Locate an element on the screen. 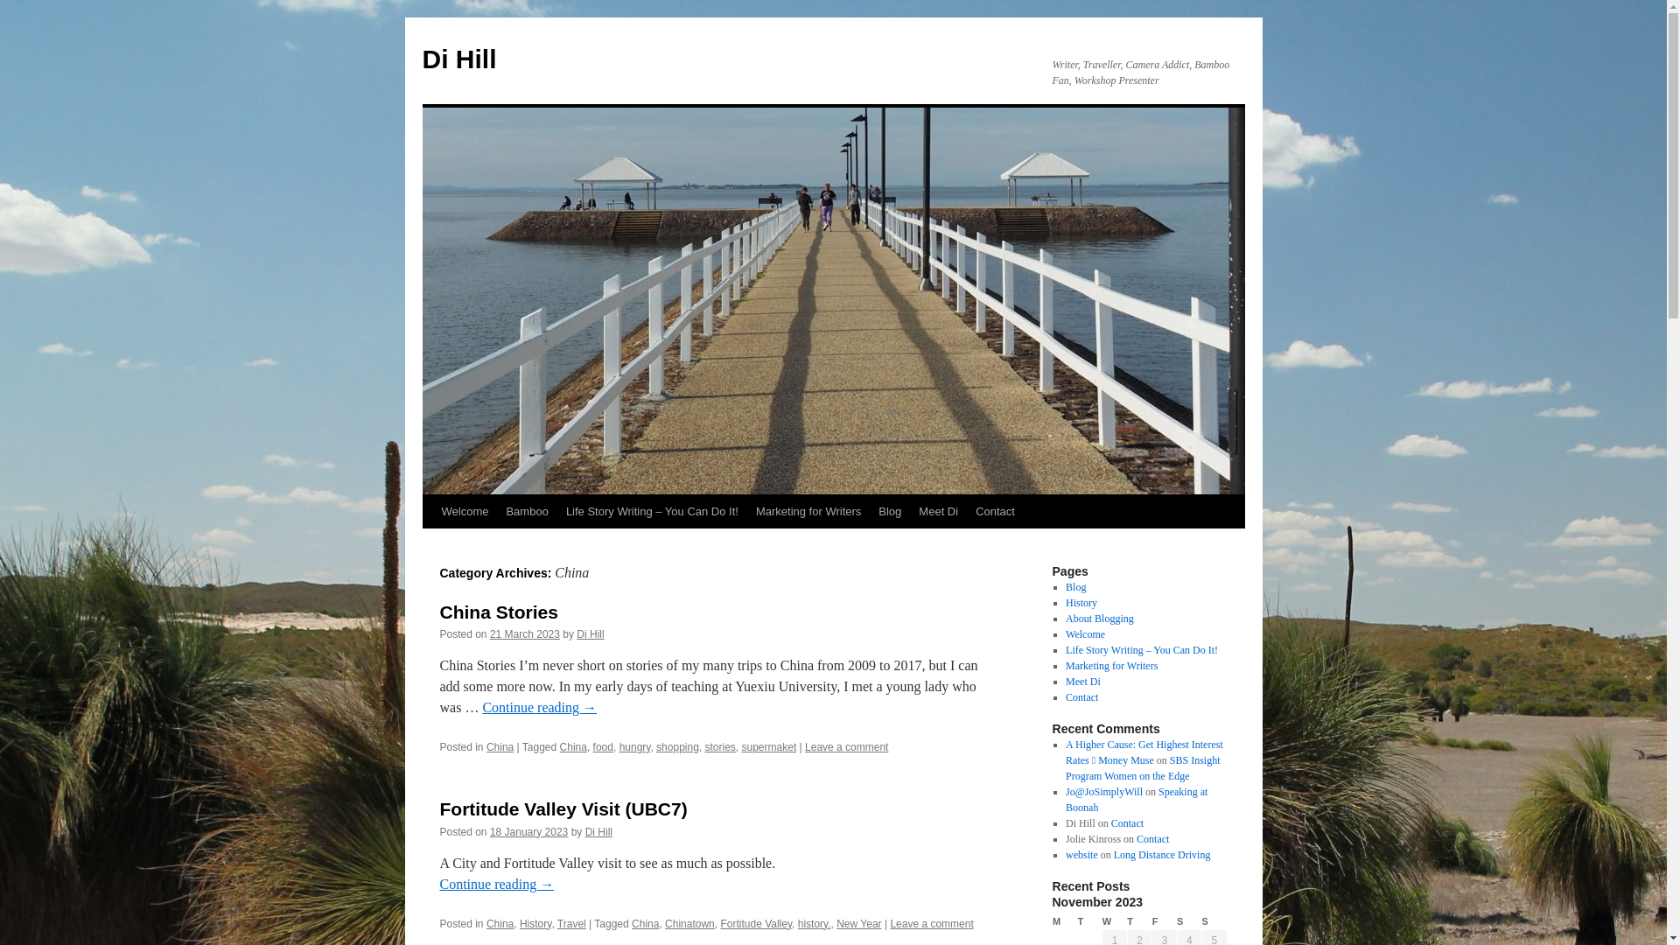 The image size is (1680, 945). 'Marketing for Writers' is located at coordinates (807, 512).